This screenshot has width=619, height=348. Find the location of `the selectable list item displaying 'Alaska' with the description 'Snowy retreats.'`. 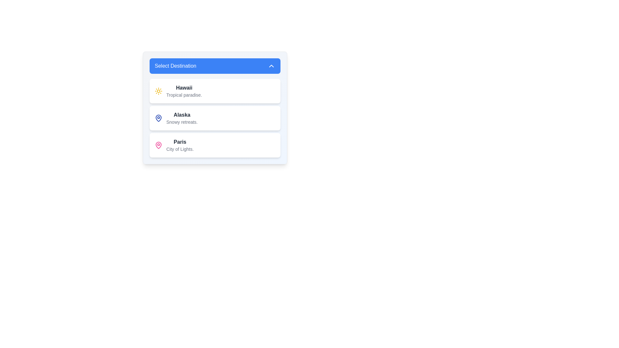

the selectable list item displaying 'Alaska' with the description 'Snowy retreats.' is located at coordinates (215, 108).